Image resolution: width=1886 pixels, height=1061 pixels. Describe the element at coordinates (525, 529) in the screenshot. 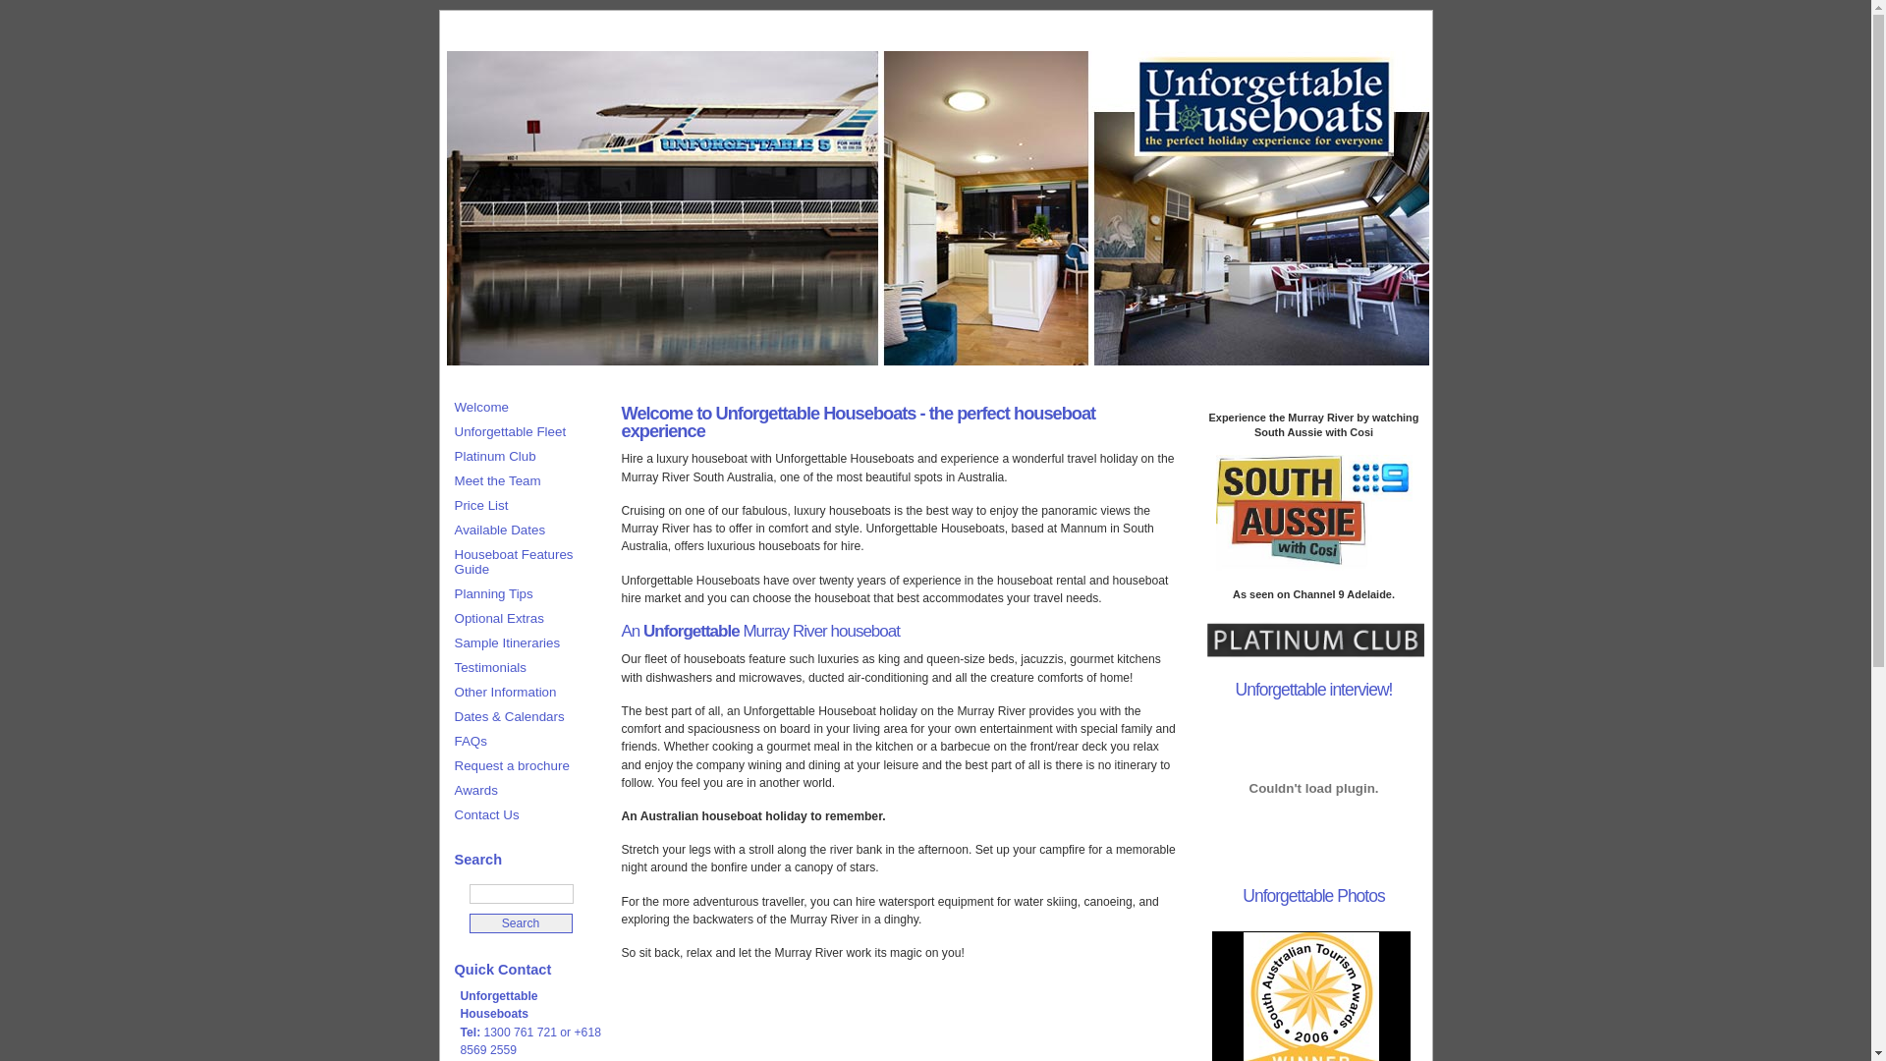

I see `'Available Dates'` at that location.